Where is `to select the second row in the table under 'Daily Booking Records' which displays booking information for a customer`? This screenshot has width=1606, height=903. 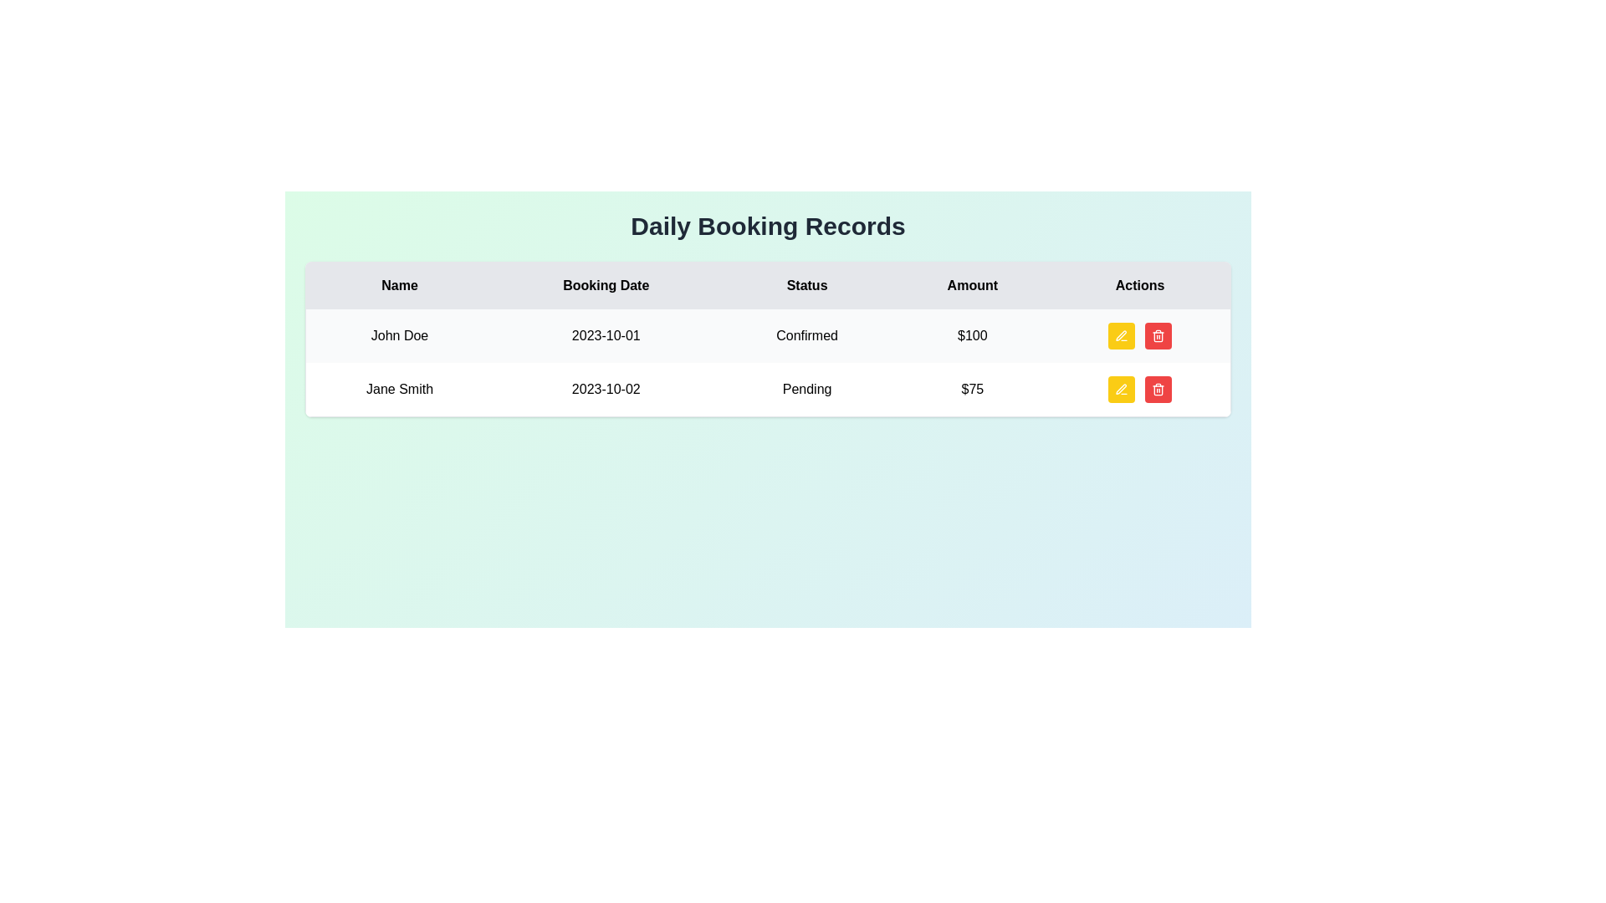
to select the second row in the table under 'Daily Booking Records' which displays booking information for a customer is located at coordinates (767, 390).